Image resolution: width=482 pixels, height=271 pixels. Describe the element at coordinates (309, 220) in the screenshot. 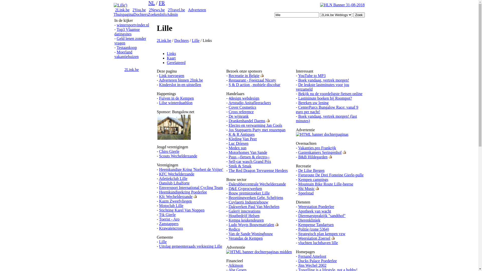

I see `'Dierenkliniek'` at that location.